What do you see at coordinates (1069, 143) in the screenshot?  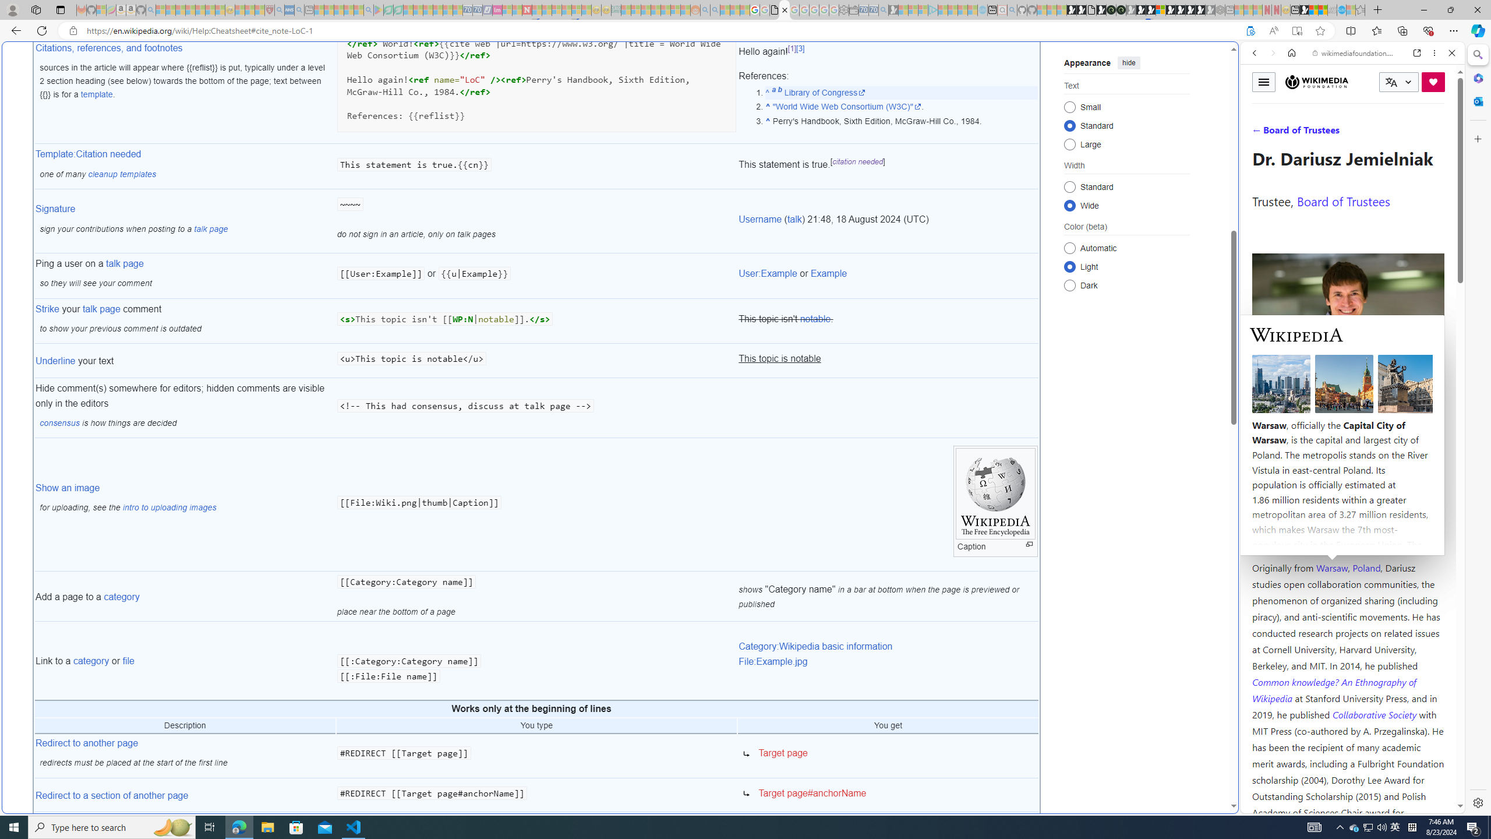 I see `'Large'` at bounding box center [1069, 143].